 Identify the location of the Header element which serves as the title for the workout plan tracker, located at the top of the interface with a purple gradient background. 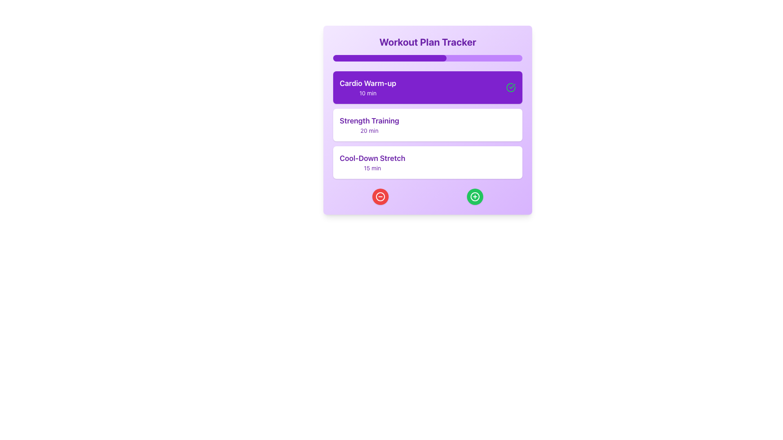
(427, 42).